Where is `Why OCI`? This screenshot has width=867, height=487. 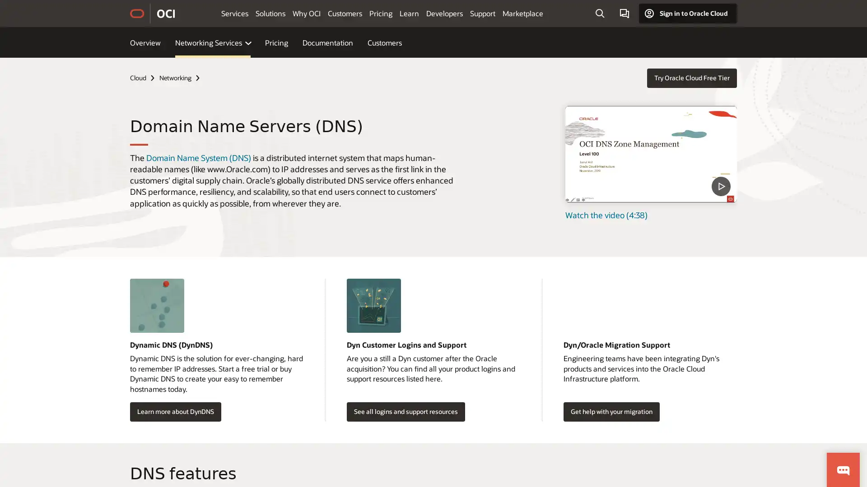
Why OCI is located at coordinates (306, 13).